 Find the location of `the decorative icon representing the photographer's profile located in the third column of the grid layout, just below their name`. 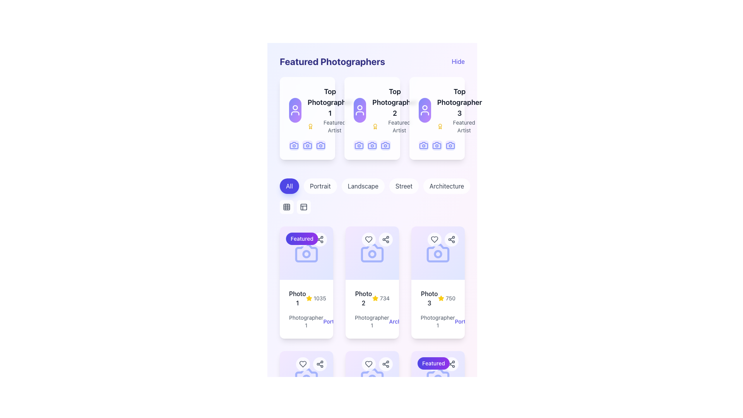

the decorative icon representing the photographer's profile located in the third column of the grid layout, just below their name is located at coordinates (385, 146).